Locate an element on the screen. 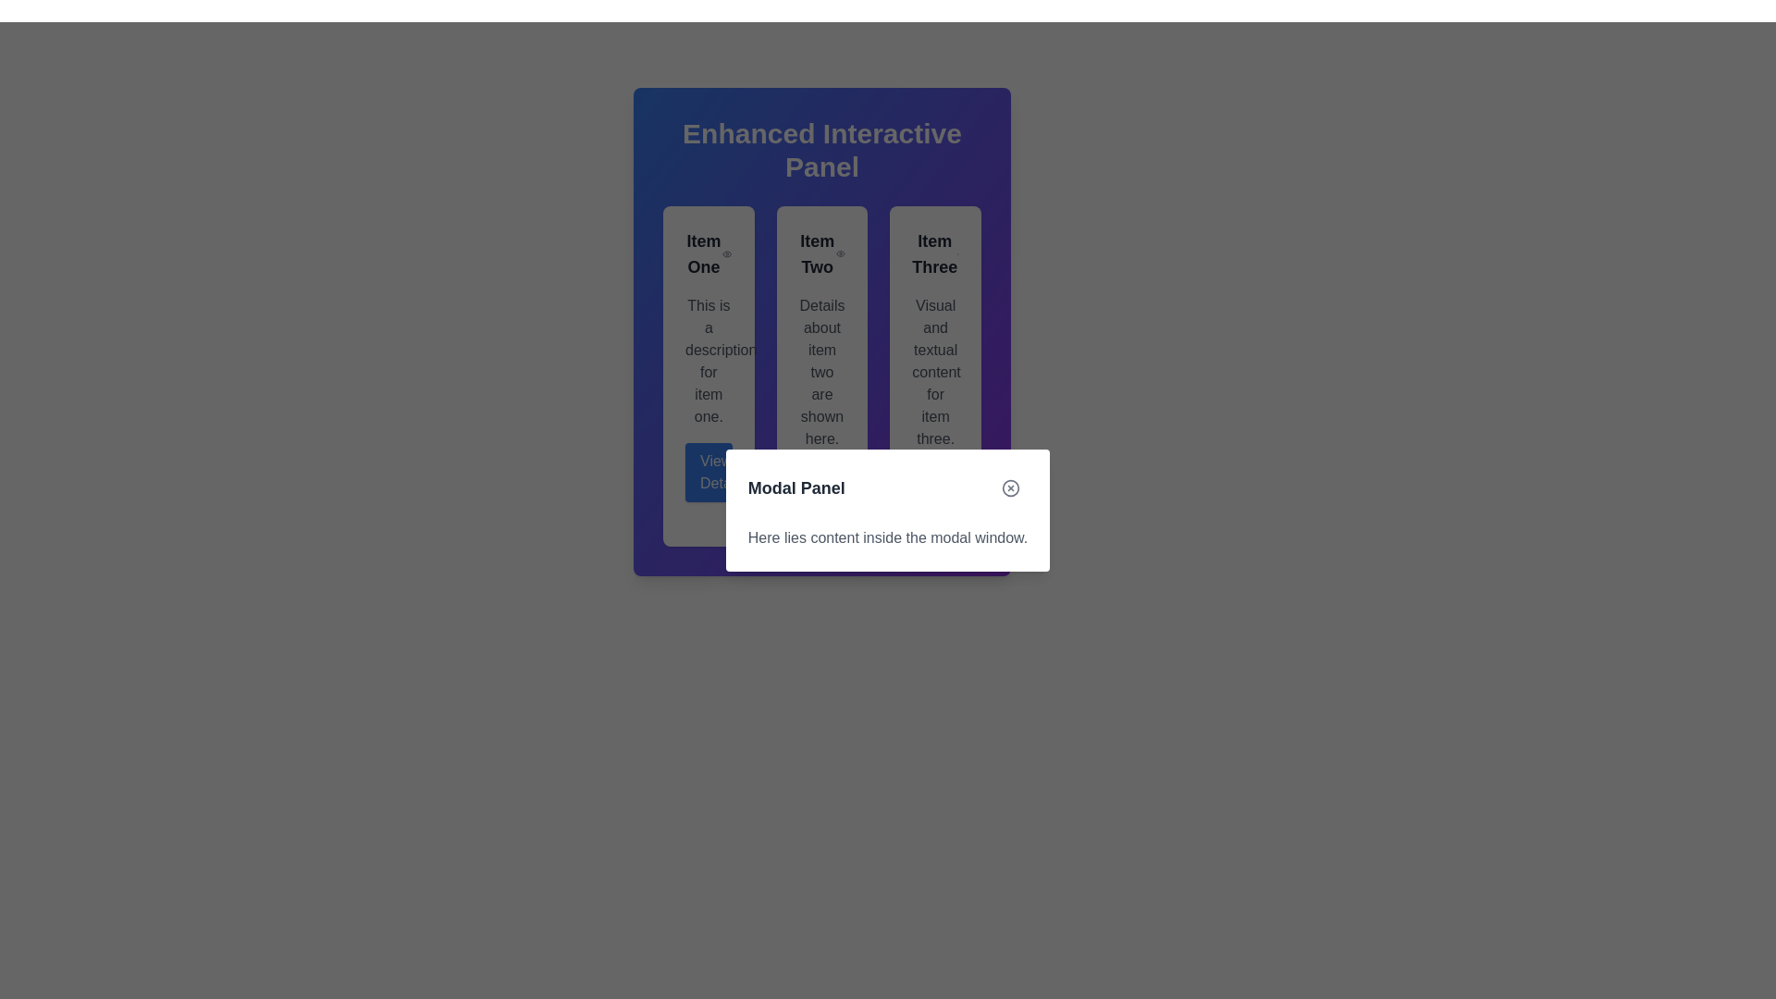  the 'View Details' button, which is a blue rectangular button with white text, rounded corners, located at the bottom of the 'Item One' panel is located at coordinates (708, 471).